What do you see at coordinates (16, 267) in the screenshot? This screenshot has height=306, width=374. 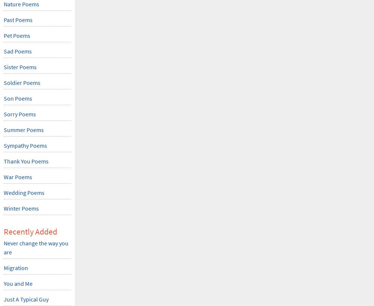 I see `'Migration'` at bounding box center [16, 267].